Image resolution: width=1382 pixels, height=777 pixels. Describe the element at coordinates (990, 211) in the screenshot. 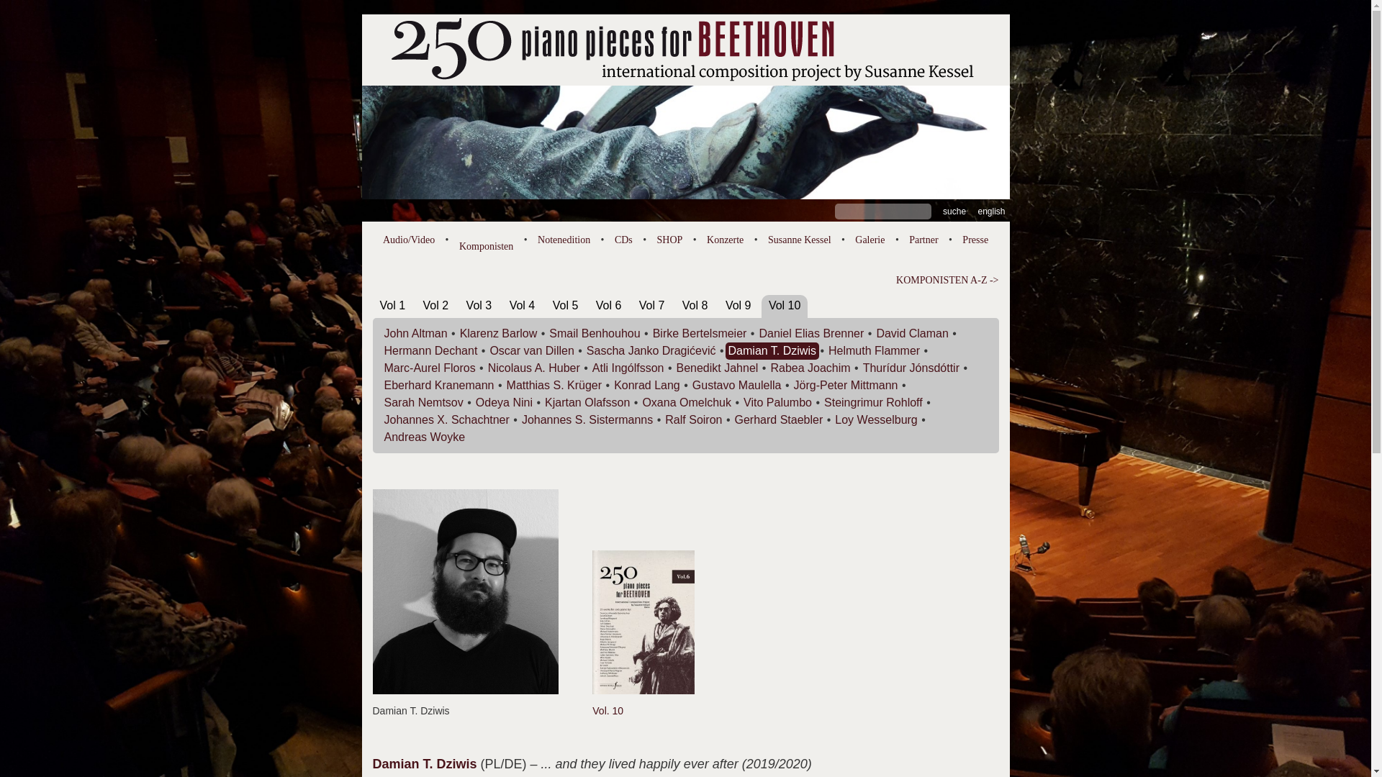

I see `'english'` at that location.